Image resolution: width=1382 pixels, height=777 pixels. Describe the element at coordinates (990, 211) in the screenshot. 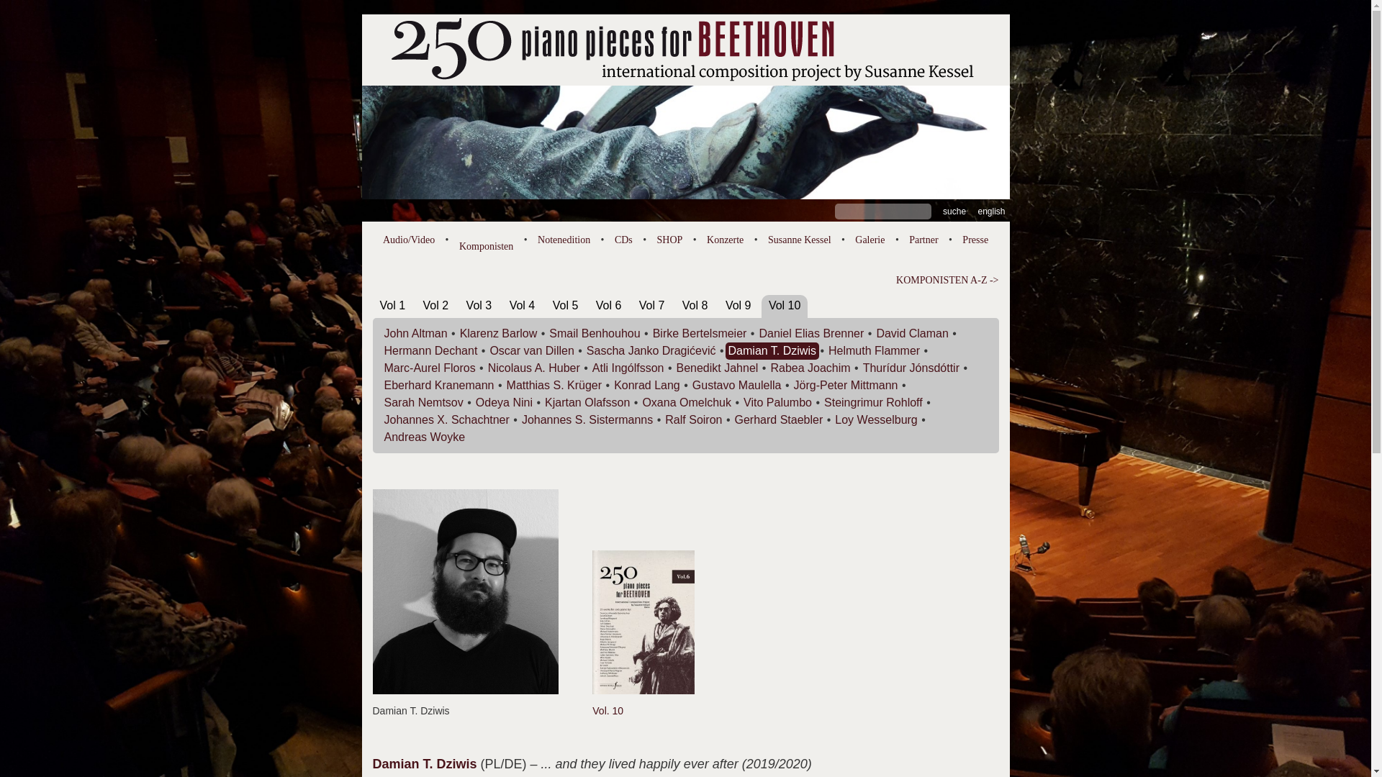

I see `'english'` at that location.